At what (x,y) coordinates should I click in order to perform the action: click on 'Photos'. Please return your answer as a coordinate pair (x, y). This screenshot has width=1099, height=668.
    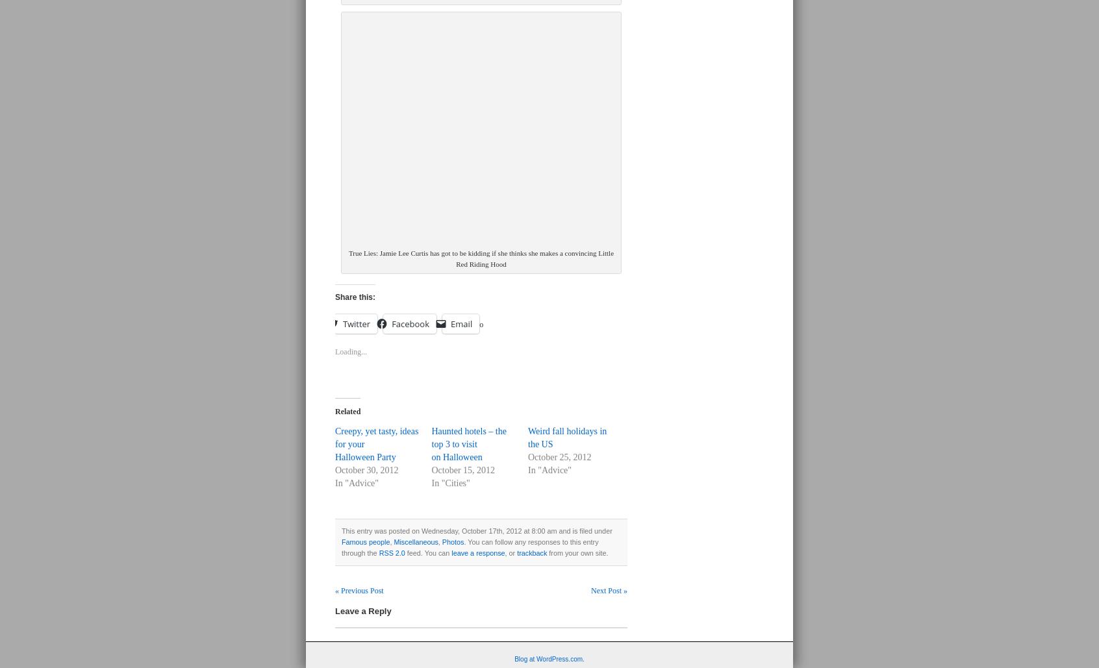
    Looking at the image, I should click on (452, 541).